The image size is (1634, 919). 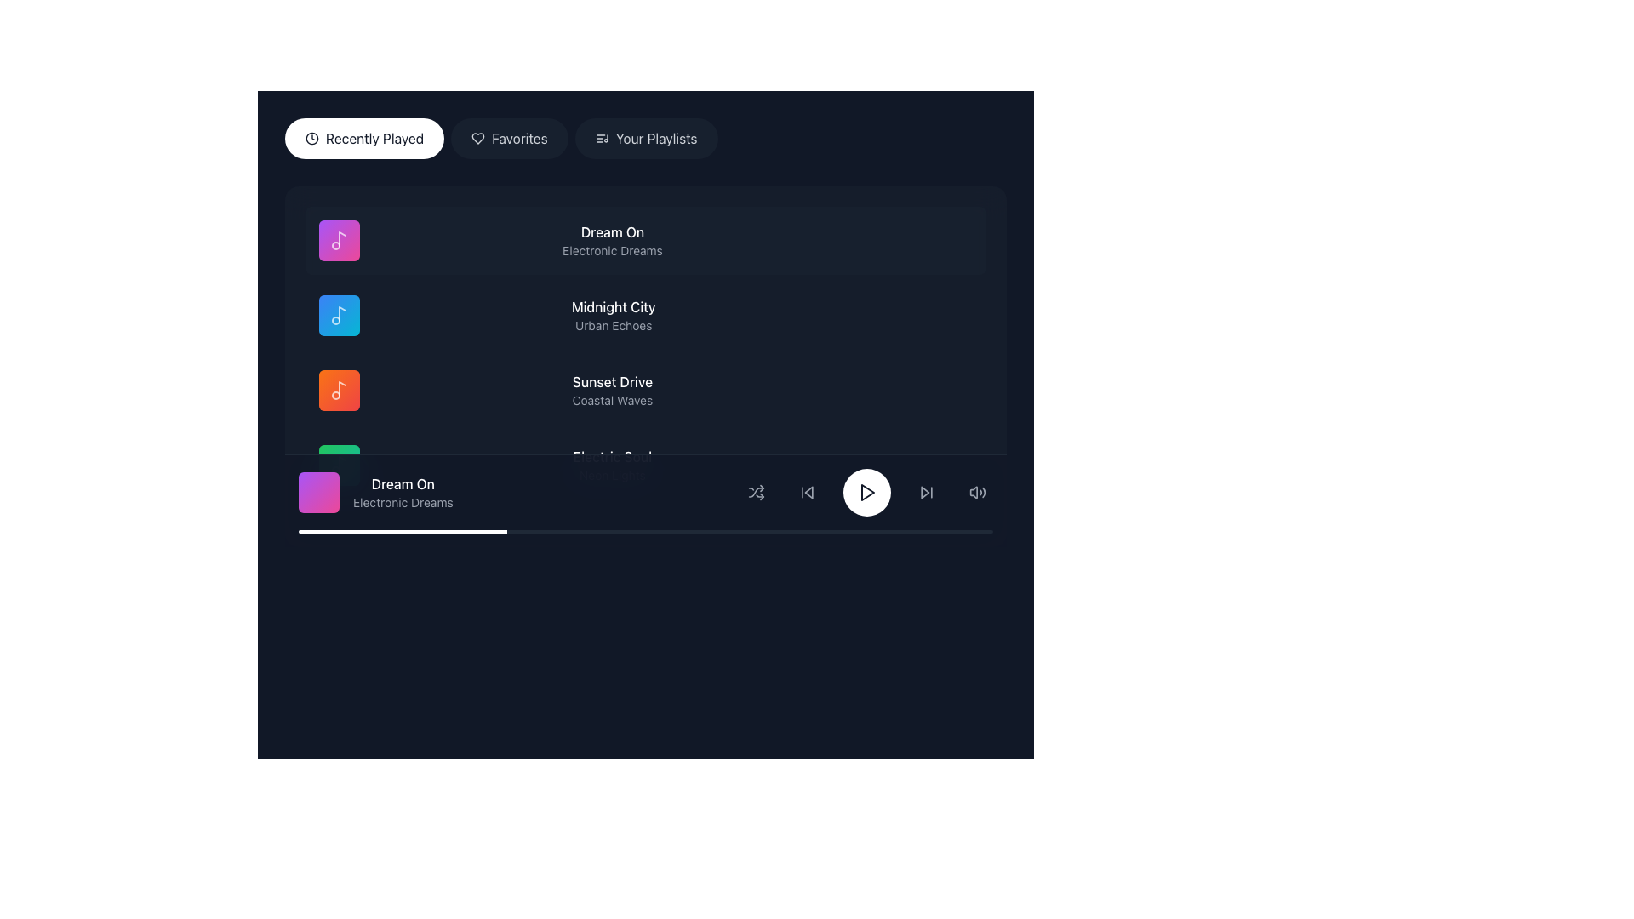 I want to click on the skip button with a forward arrow icon located in the bottom-right section of the horizontal control bar, so click(x=926, y=492).